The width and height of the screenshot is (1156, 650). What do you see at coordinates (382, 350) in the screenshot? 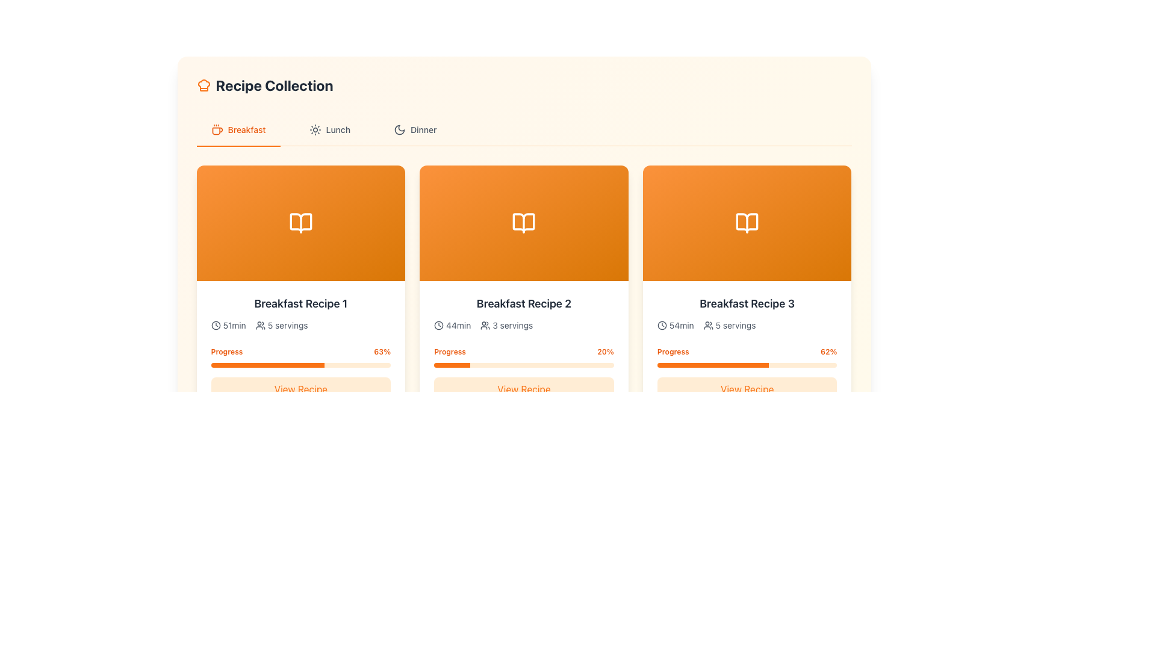
I see `the text label that displays the current progress percentage, located in the lower-right corner above the progress bar of the 'Breakfast Recipe 3' card` at bounding box center [382, 350].